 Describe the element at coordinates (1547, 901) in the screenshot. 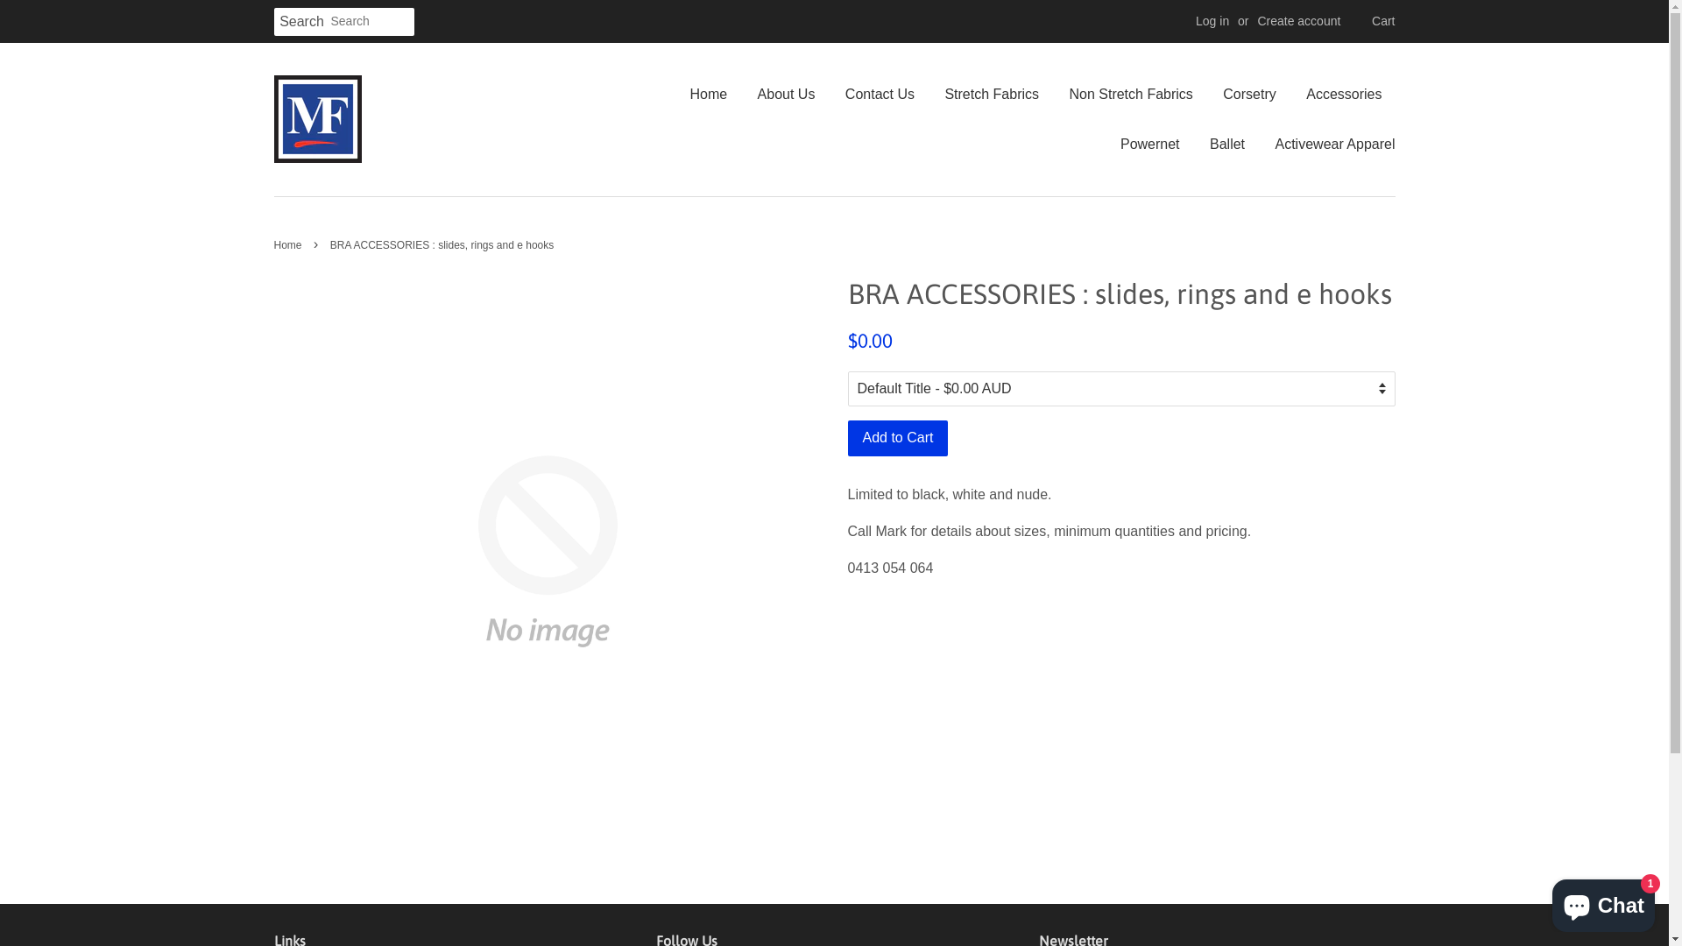

I see `'Shopify online store chat'` at that location.